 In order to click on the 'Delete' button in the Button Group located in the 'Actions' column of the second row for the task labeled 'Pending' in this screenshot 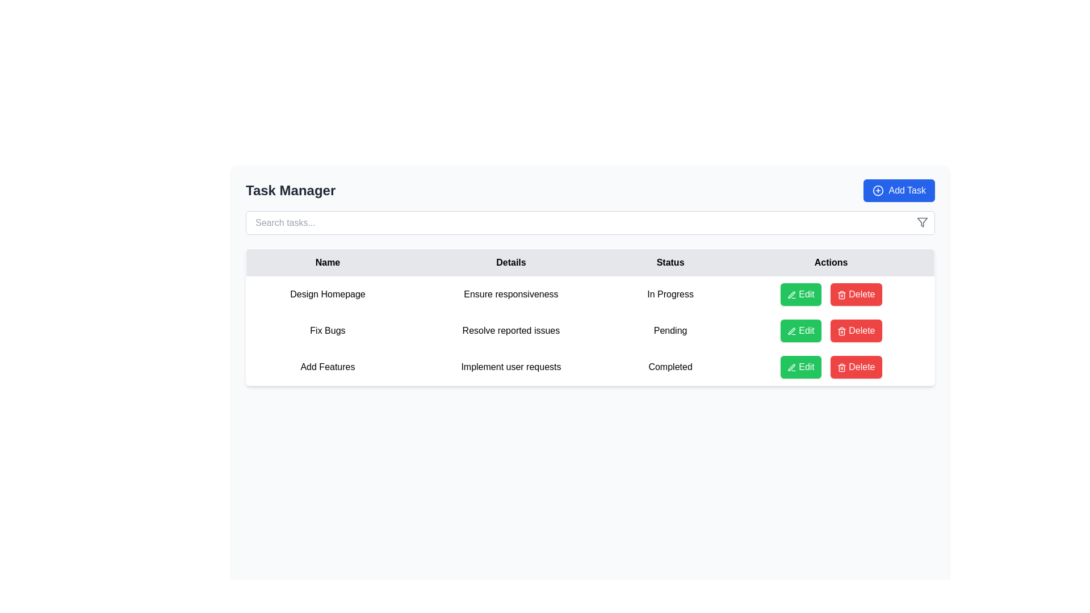, I will do `click(831, 330)`.